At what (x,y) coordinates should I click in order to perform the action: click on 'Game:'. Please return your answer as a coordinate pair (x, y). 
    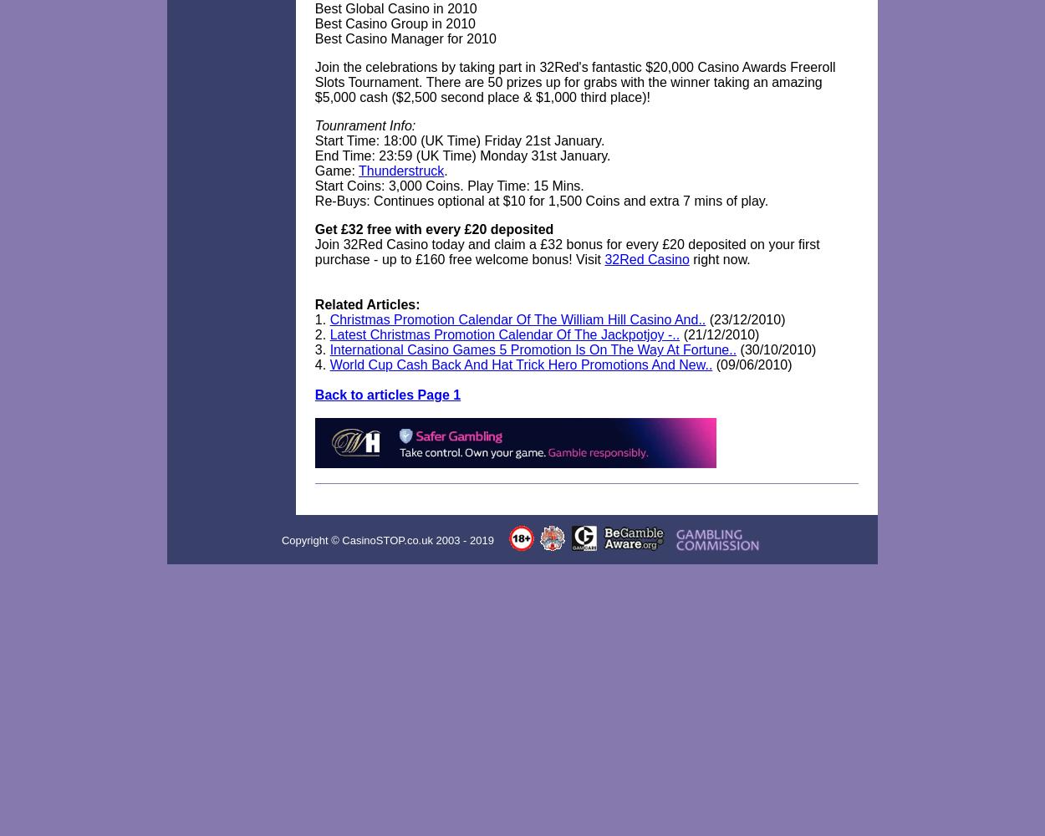
    Looking at the image, I should click on (314, 170).